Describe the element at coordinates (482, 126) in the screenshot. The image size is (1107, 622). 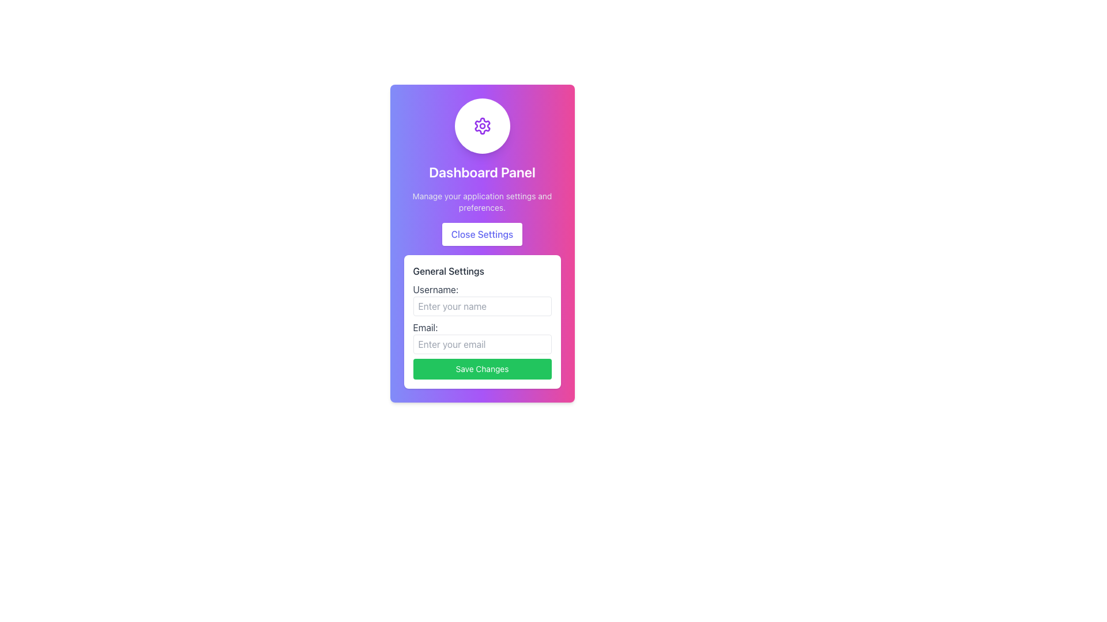
I see `the purple gear icon located centrally within a white circular button at the top of the colorful gradient panel` at that location.